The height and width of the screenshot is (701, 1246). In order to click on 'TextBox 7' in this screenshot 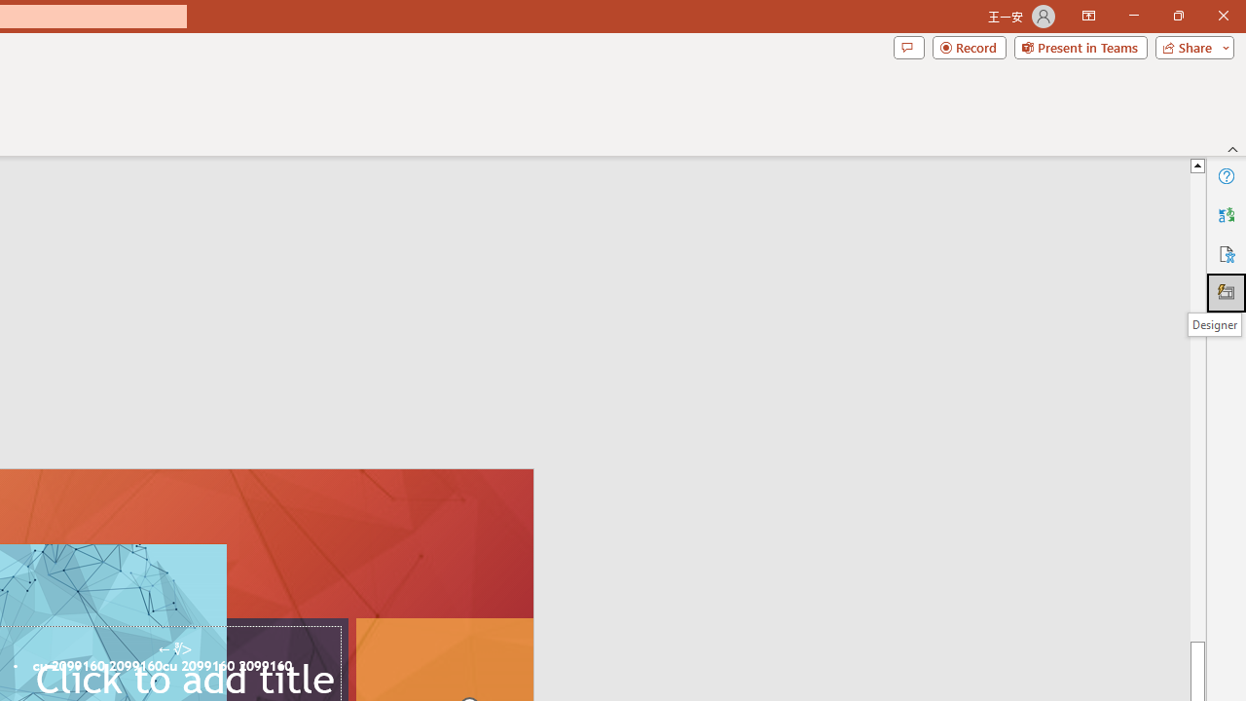, I will do `click(174, 649)`.